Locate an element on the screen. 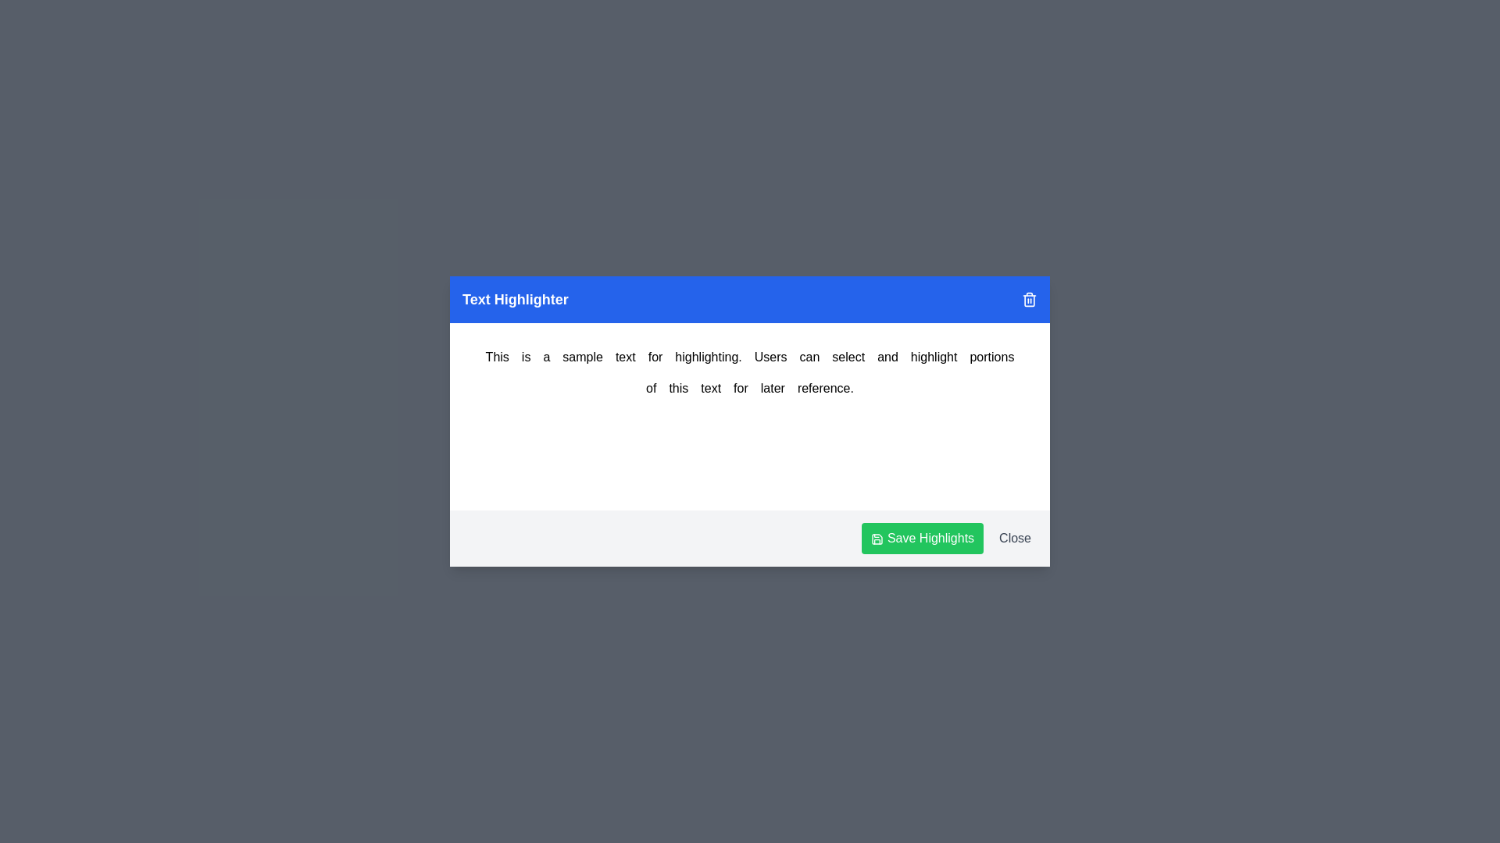  the trash icon in the header to dismiss the dialog is located at coordinates (1030, 300).